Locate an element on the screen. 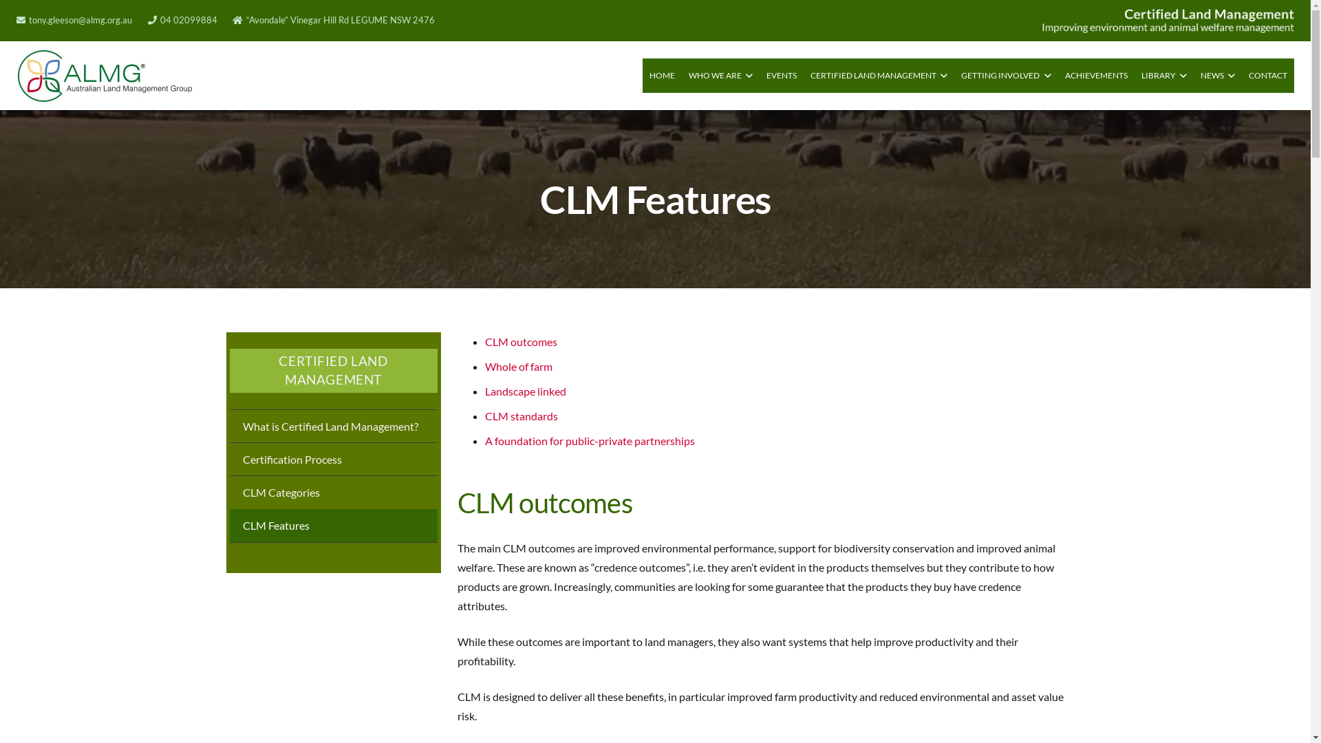 Image resolution: width=1321 pixels, height=743 pixels. 'CERTIFIED LAND MANAGEMENT' is located at coordinates (878, 76).